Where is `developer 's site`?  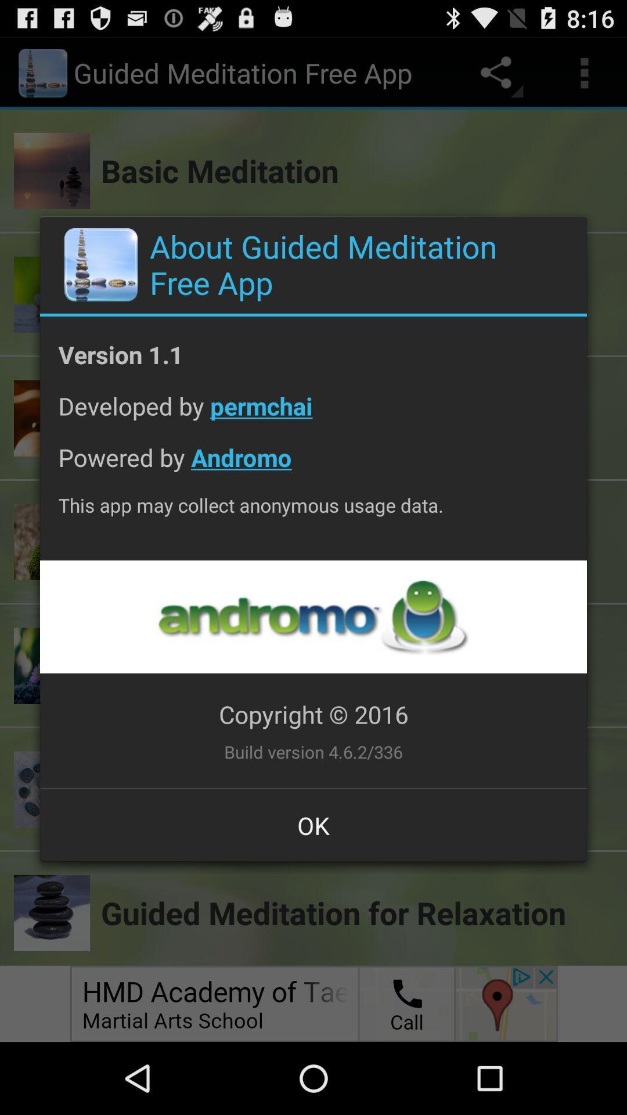
developer 's site is located at coordinates (312, 616).